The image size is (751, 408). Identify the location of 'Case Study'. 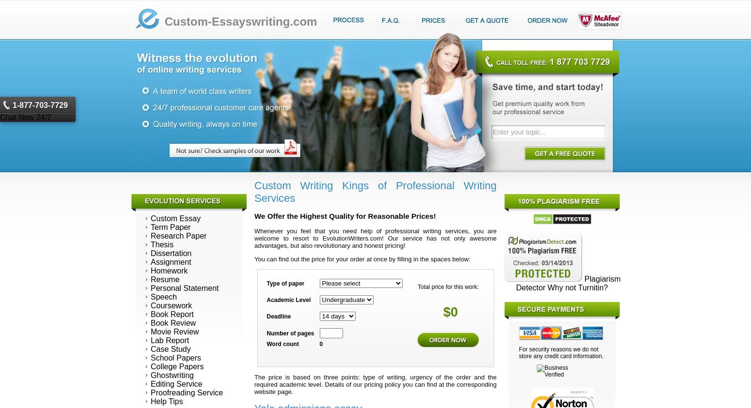
(150, 348).